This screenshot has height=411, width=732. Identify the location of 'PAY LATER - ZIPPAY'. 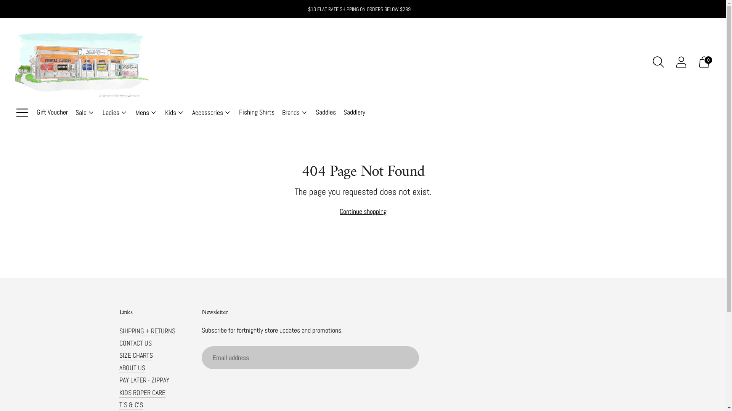
(144, 380).